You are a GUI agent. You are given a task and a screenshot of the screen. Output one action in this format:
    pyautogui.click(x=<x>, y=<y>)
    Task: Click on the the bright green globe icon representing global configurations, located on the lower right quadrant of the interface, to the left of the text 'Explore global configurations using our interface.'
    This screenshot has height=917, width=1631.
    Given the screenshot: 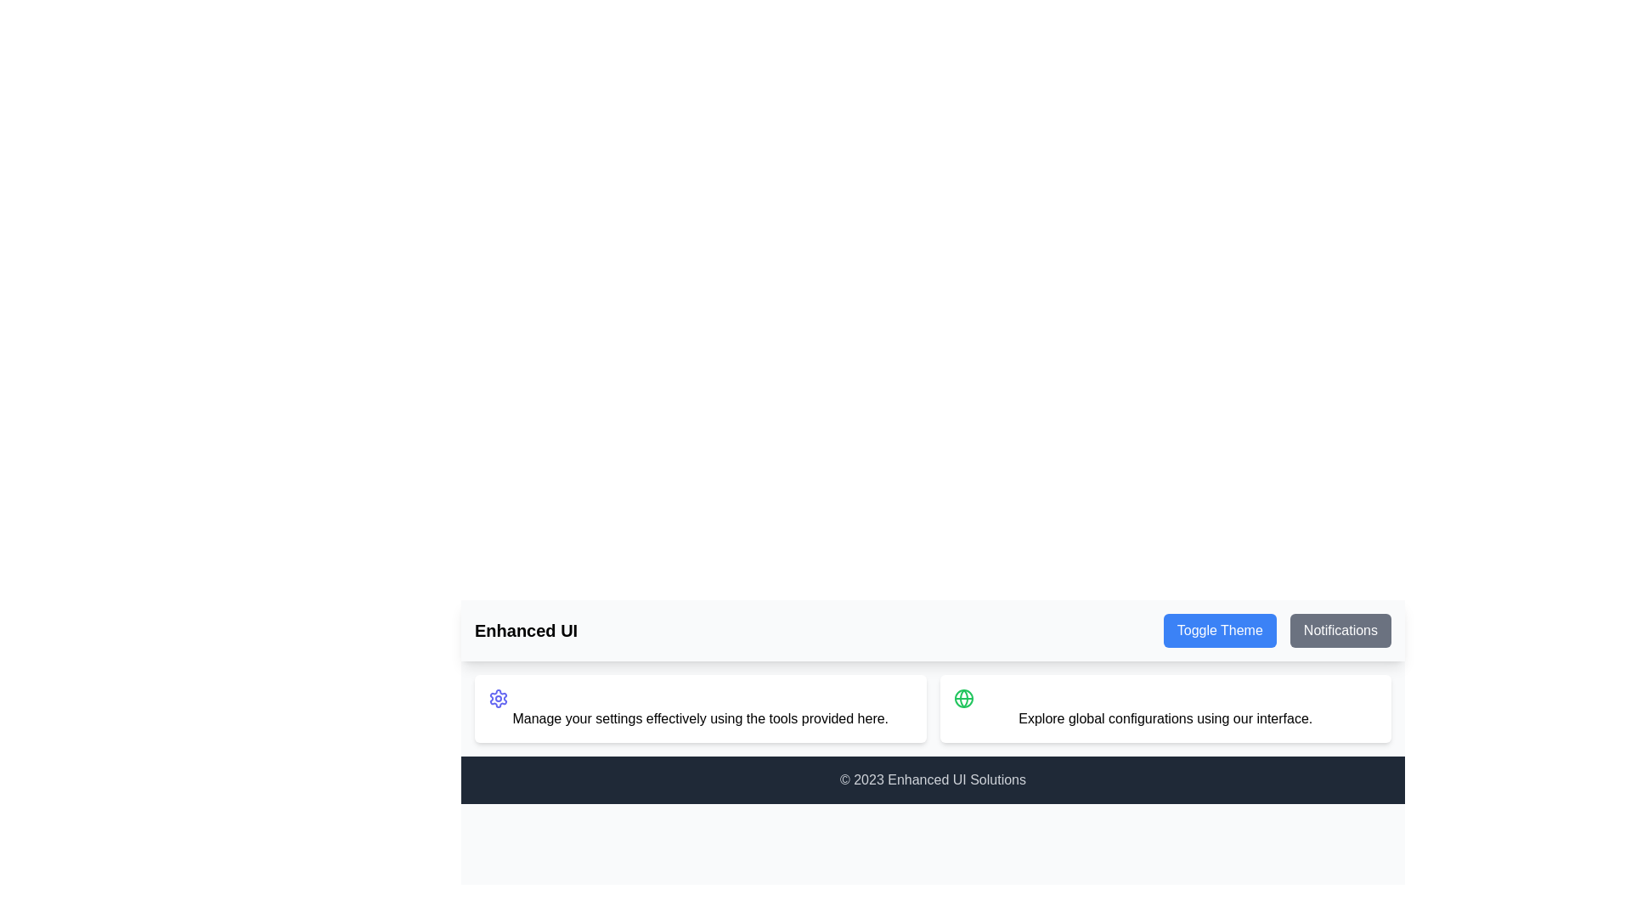 What is the action you would take?
    pyautogui.click(x=963, y=698)
    